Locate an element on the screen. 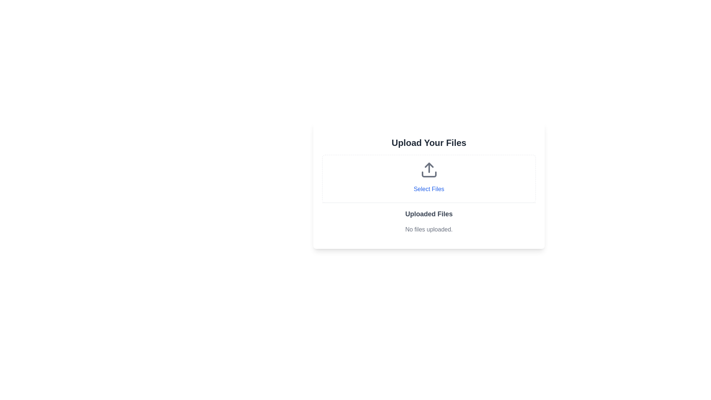 The width and height of the screenshot is (711, 400). text label that says 'No files uploaded.' which is styled in gray and positioned below the title 'Uploaded Files' is located at coordinates (429, 229).